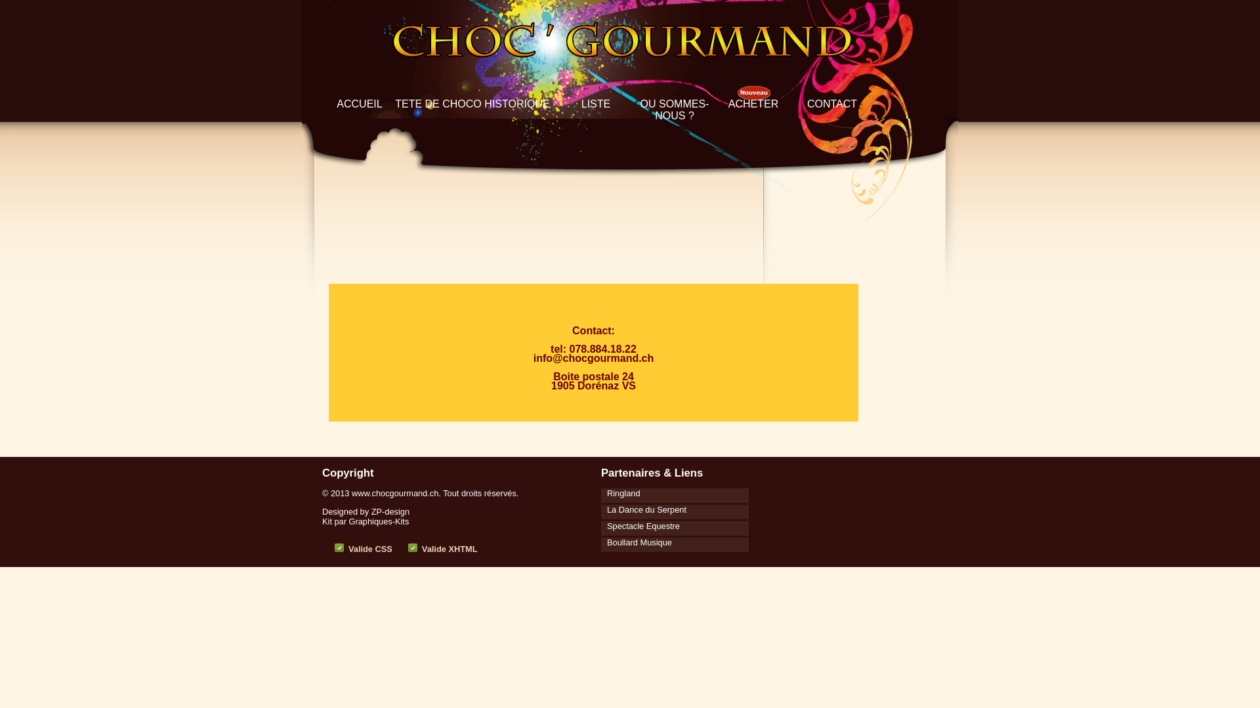 This screenshot has height=708, width=1260. Describe the element at coordinates (359, 103) in the screenshot. I see `'ACCUEIL'` at that location.